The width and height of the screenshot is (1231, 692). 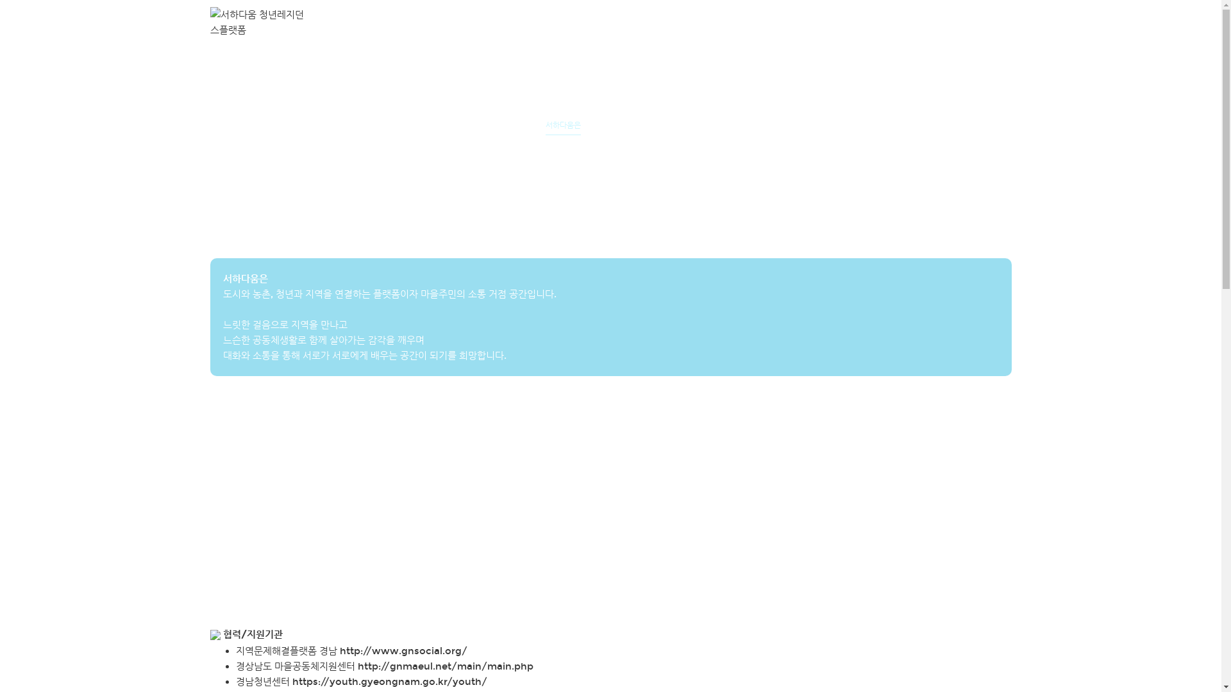 I want to click on 'http://gnmaeul.net/main/main.php', so click(x=446, y=666).